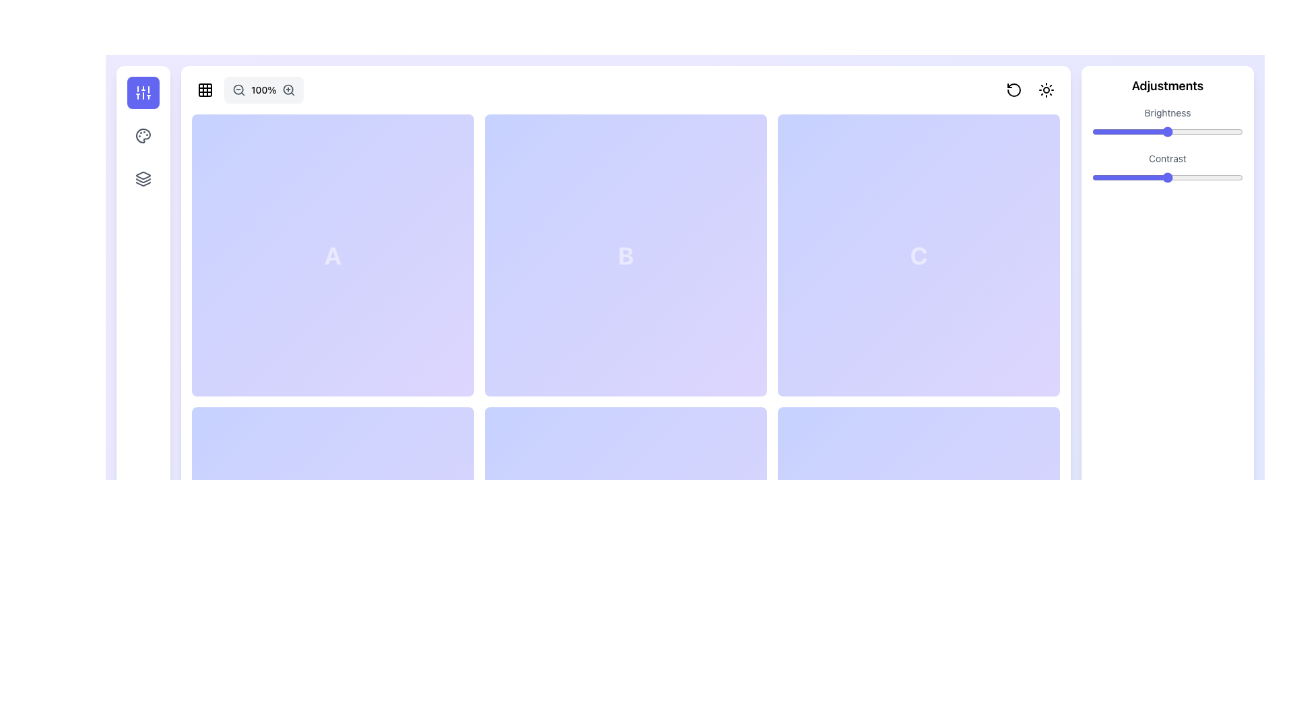 The height and width of the screenshot is (727, 1293). I want to click on the circular sun icon button with a black outline in the top-right corner of the interface, so click(1046, 90).